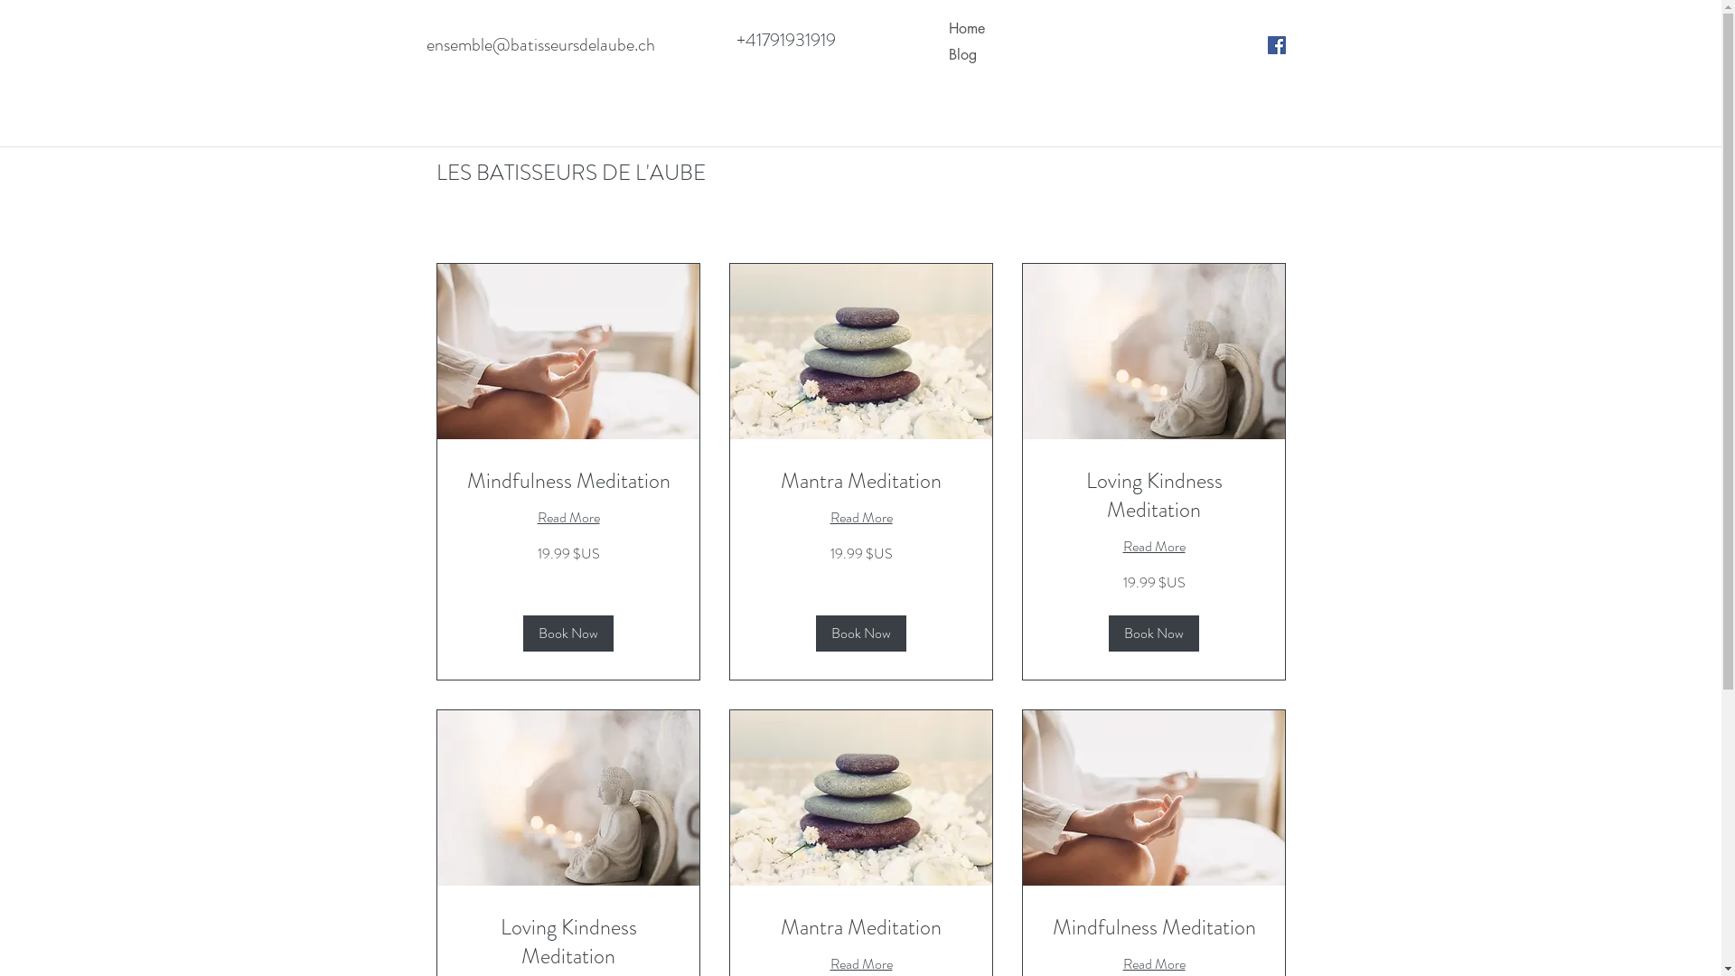  I want to click on 'ensemble@batisseursdelaube.ch', so click(539, 43).